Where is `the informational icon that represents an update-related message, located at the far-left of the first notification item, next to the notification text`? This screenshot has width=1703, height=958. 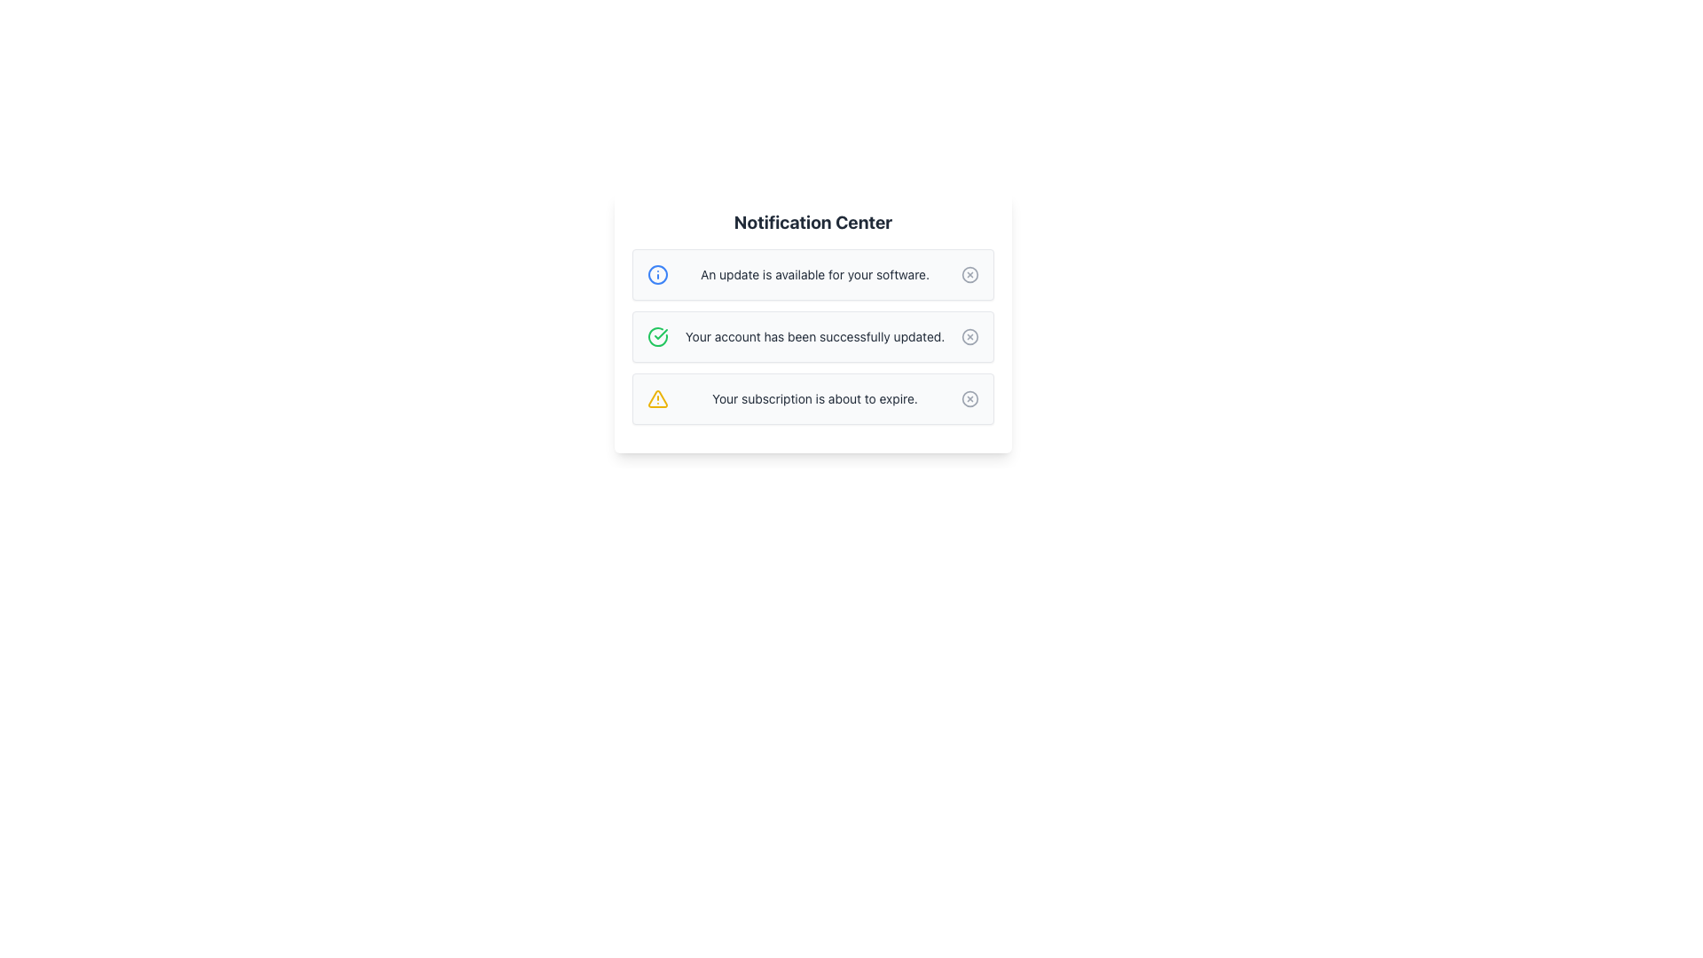 the informational icon that represents an update-related message, located at the far-left of the first notification item, next to the notification text is located at coordinates (657, 274).